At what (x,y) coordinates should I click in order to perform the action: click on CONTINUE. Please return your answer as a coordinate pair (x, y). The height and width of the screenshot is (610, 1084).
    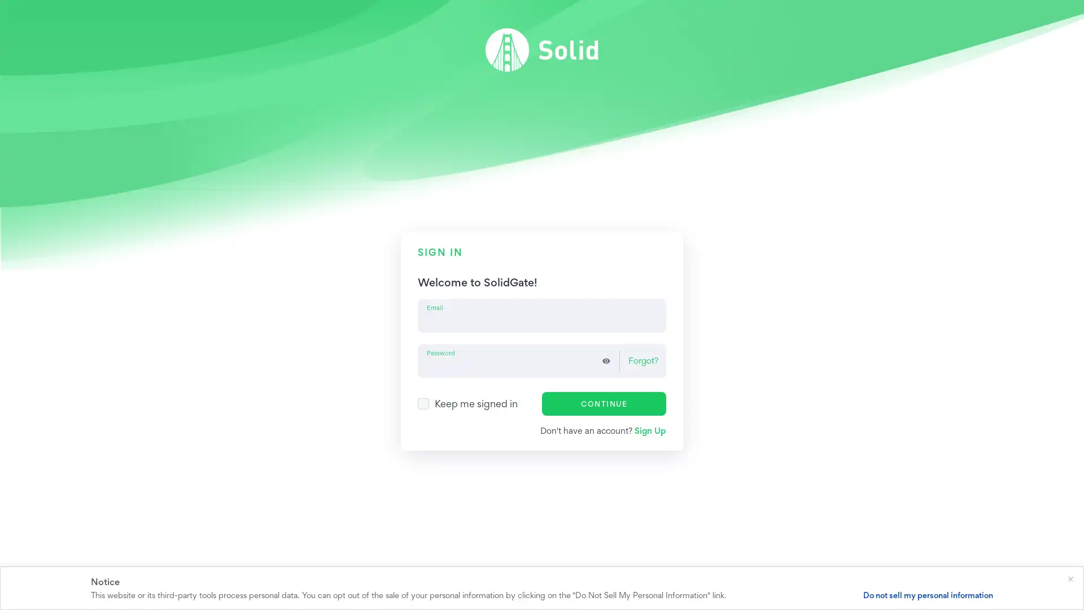
    Looking at the image, I should click on (604, 402).